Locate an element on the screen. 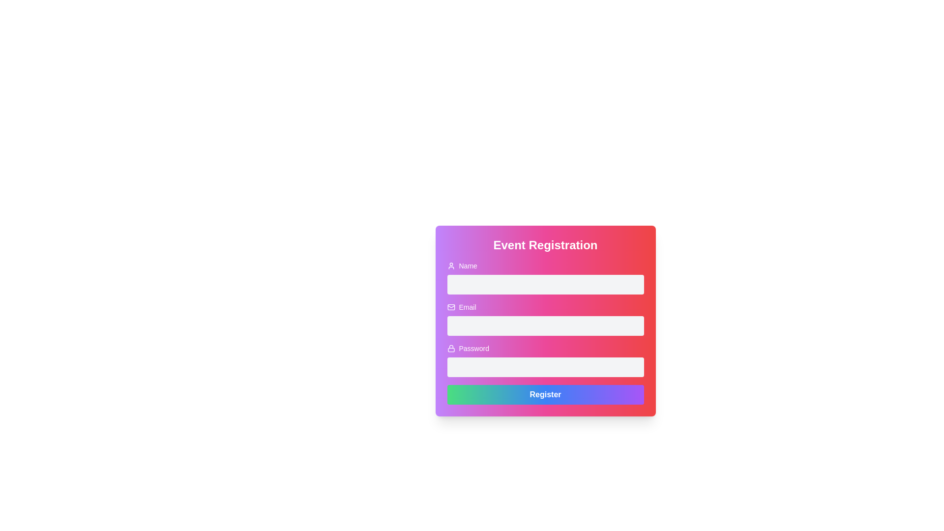 The width and height of the screenshot is (944, 531). the email input field labeled 'Email' to focus on it is located at coordinates (545, 319).